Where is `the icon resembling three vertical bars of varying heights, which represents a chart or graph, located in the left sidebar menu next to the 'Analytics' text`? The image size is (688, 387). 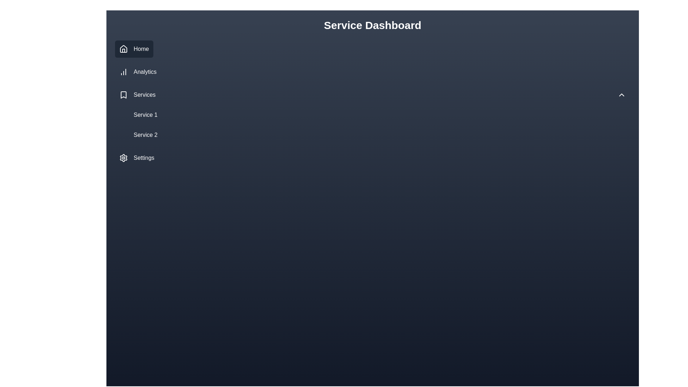 the icon resembling three vertical bars of varying heights, which represents a chart or graph, located in the left sidebar menu next to the 'Analytics' text is located at coordinates (124, 72).